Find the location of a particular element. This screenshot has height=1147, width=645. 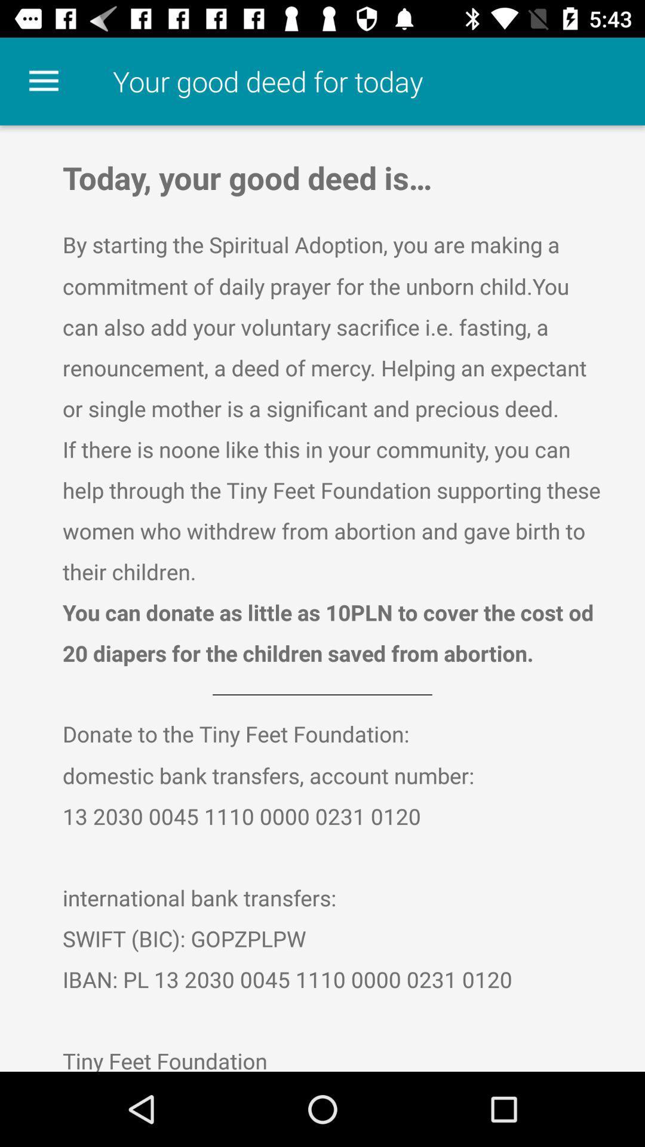

the icon next to your good deed icon is located at coordinates (43, 81).